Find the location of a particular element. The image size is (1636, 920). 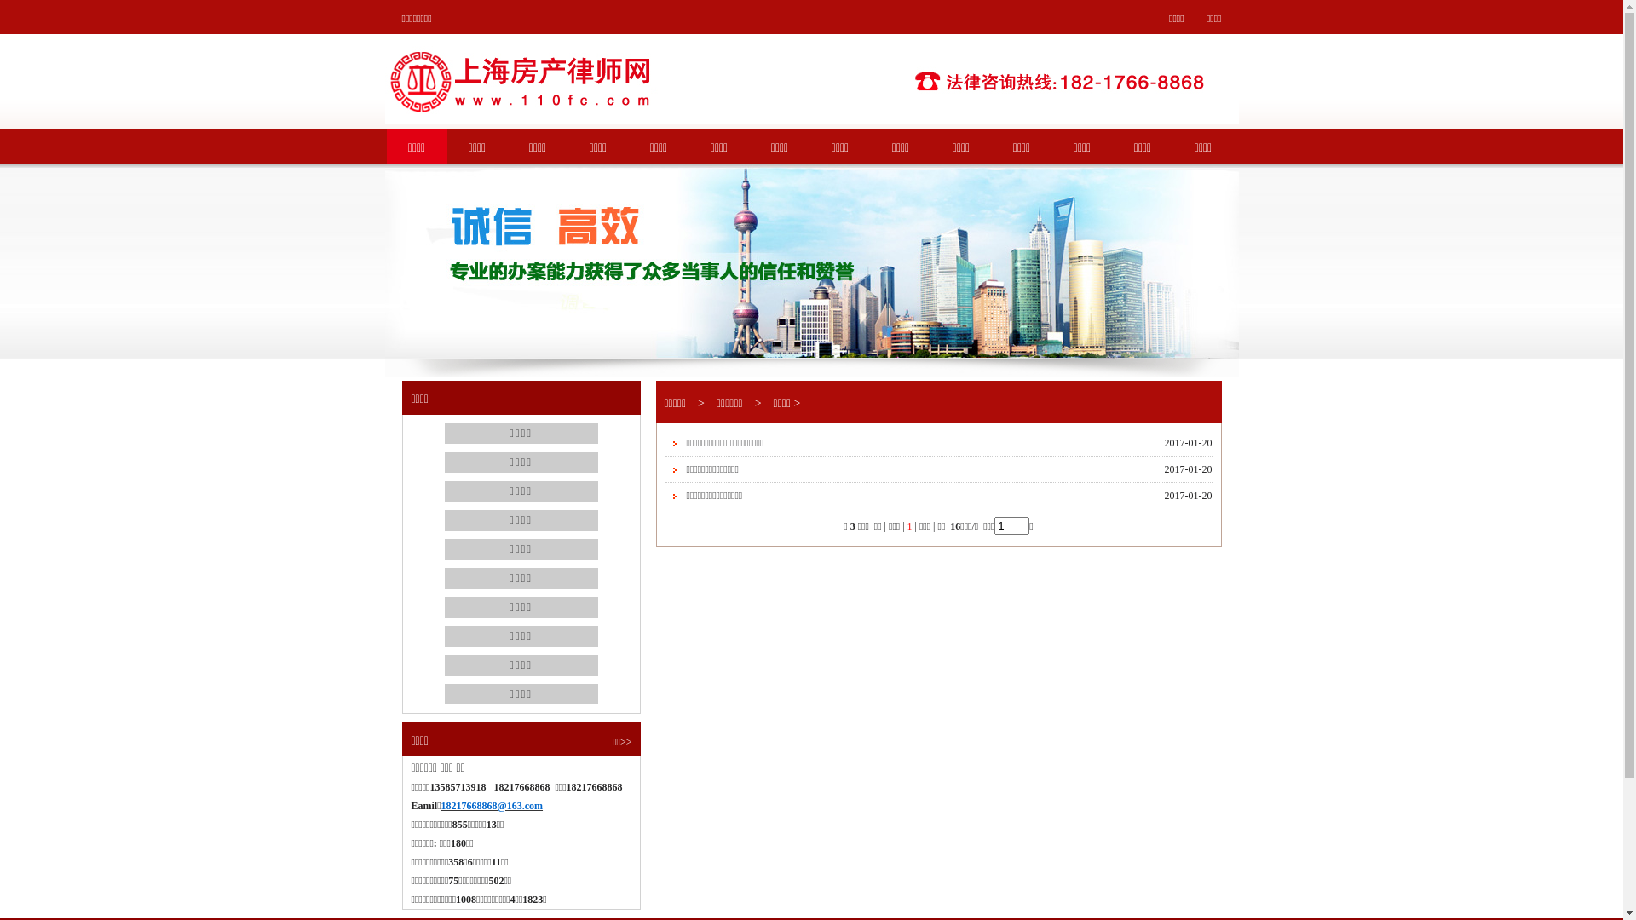

'18217668868@163.com' is located at coordinates (491, 805).